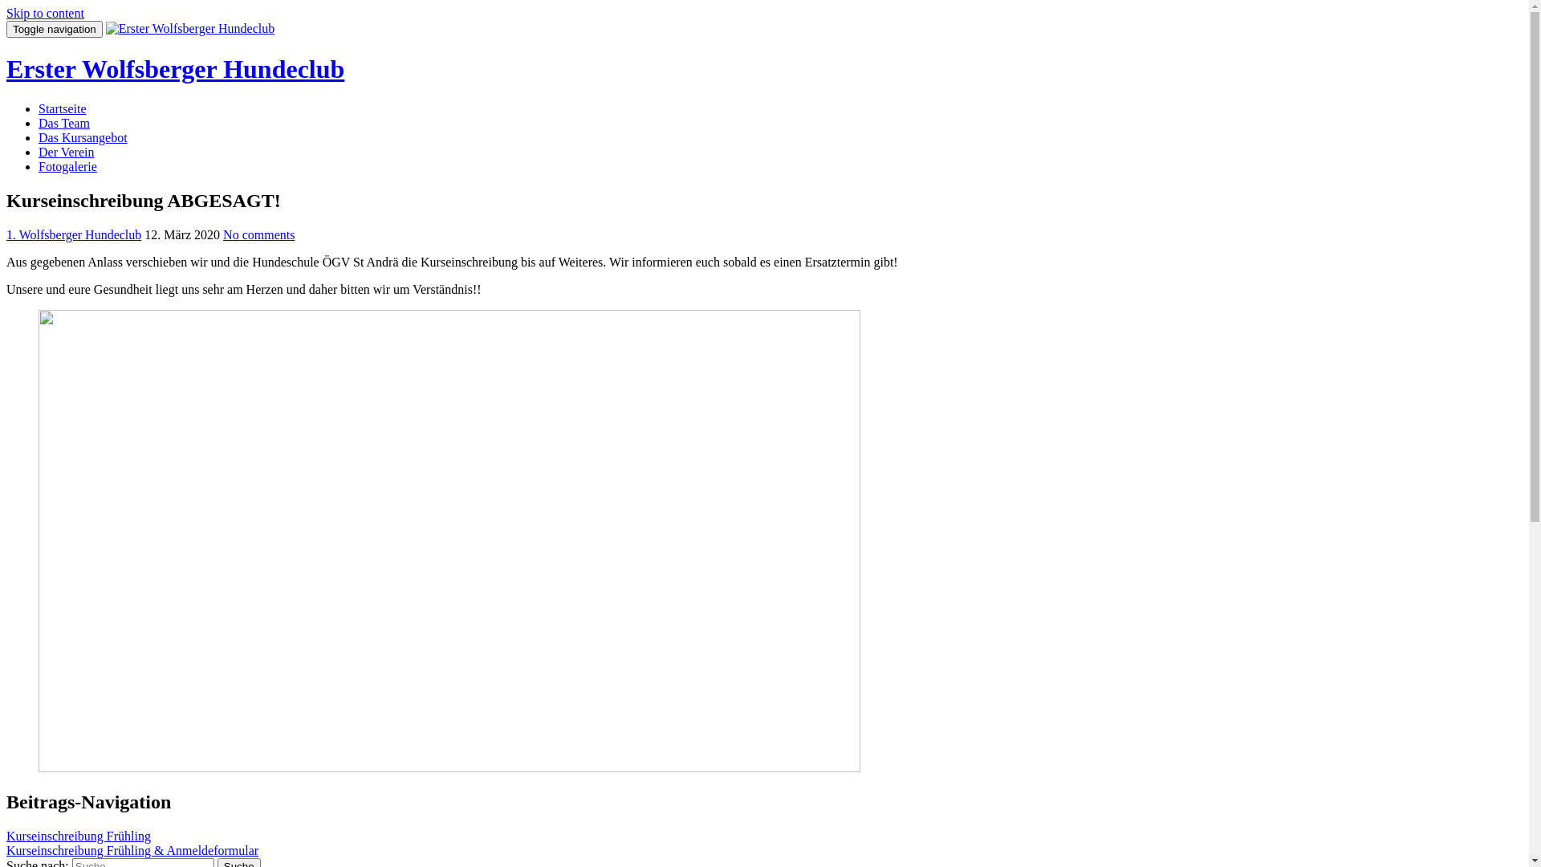  I want to click on 'Der Verein', so click(65, 152).